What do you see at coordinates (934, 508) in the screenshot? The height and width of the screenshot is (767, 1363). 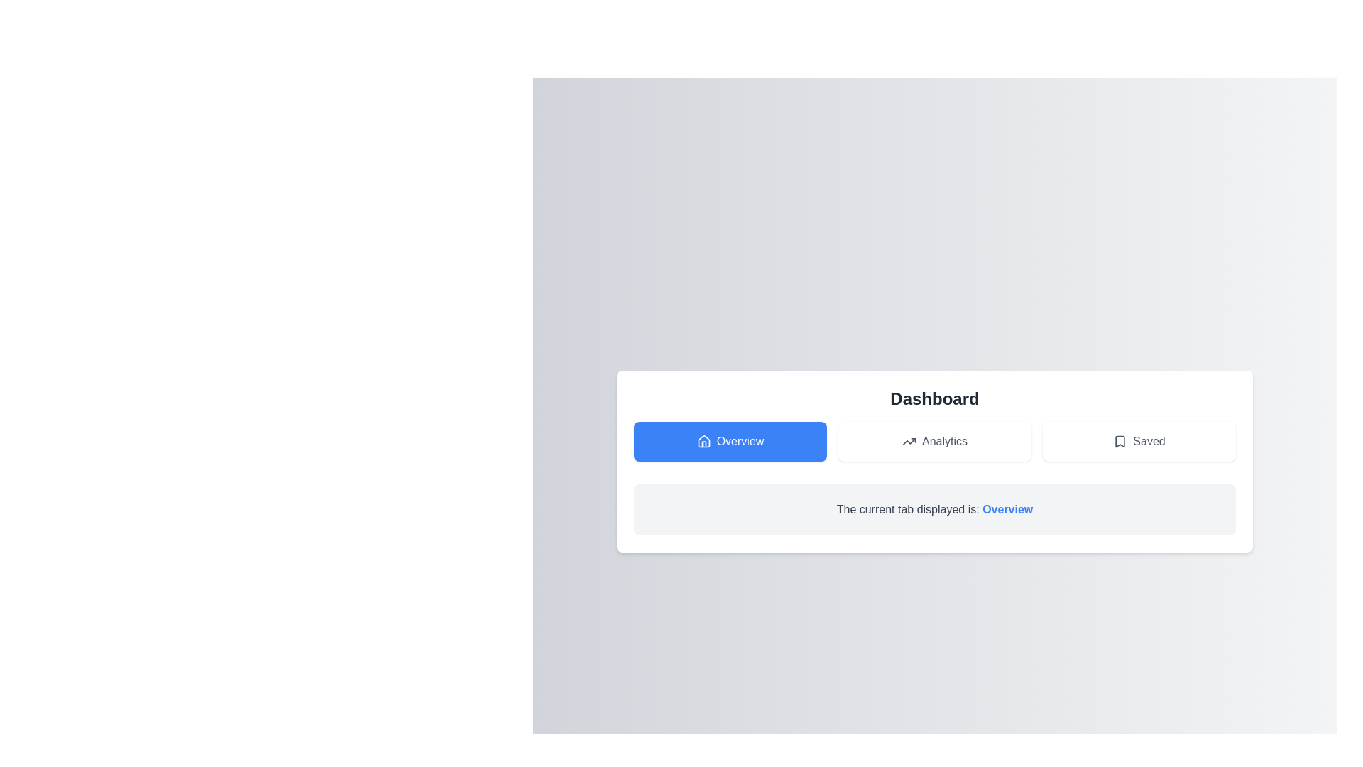 I see `the informative text displaying 'The current tab displayed is: Overview', which is centrally positioned below the tab navigation area and highlighted with 'Overview' in blue and bold` at bounding box center [934, 508].